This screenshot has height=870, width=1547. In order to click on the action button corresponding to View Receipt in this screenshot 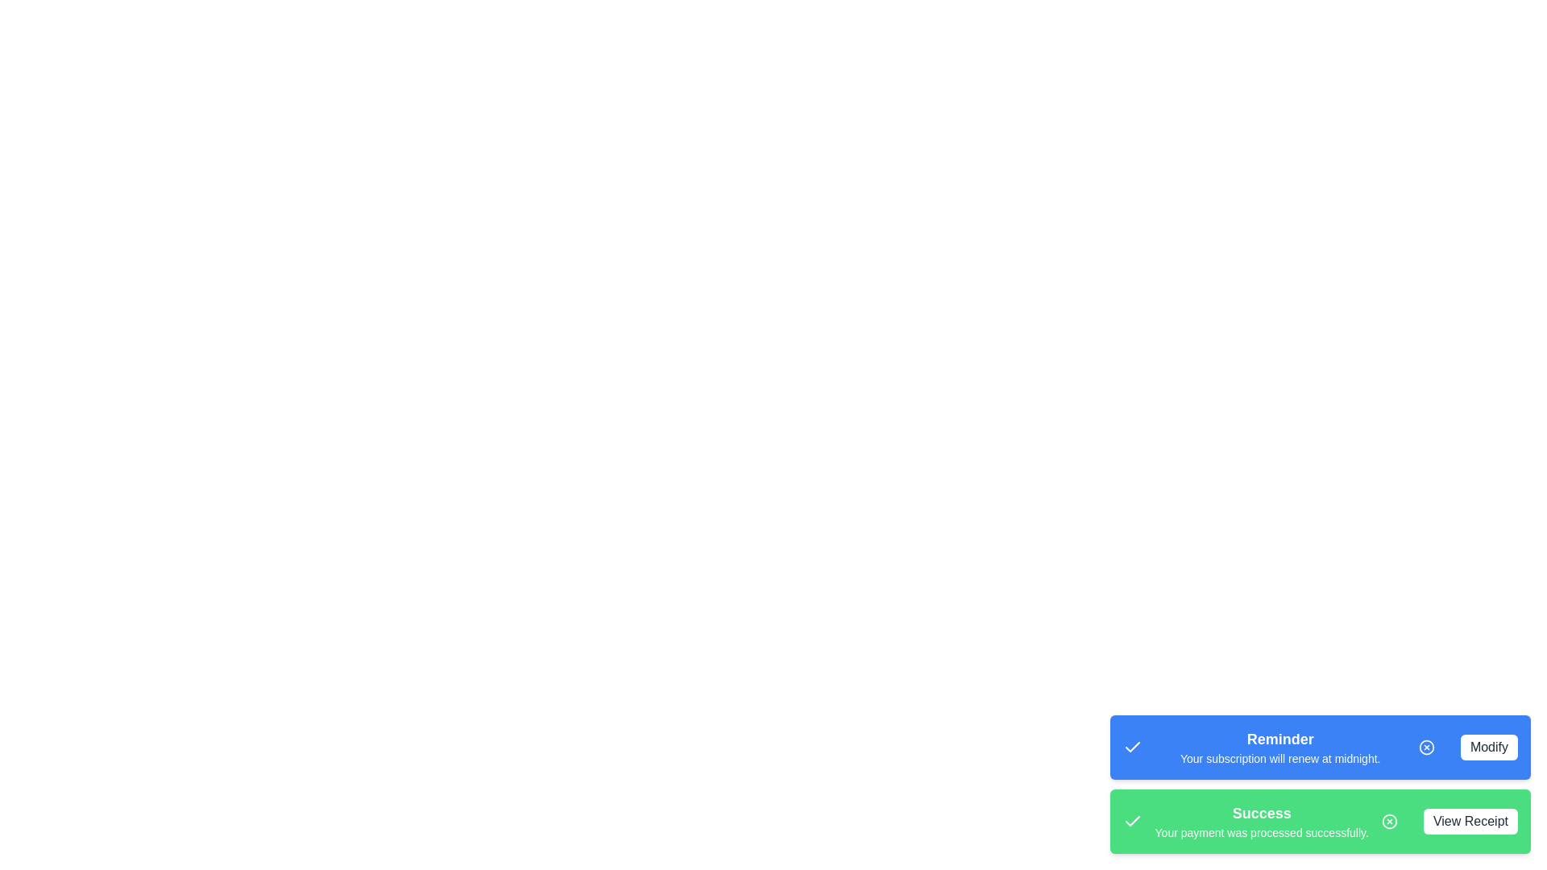, I will do `click(1470, 821)`.